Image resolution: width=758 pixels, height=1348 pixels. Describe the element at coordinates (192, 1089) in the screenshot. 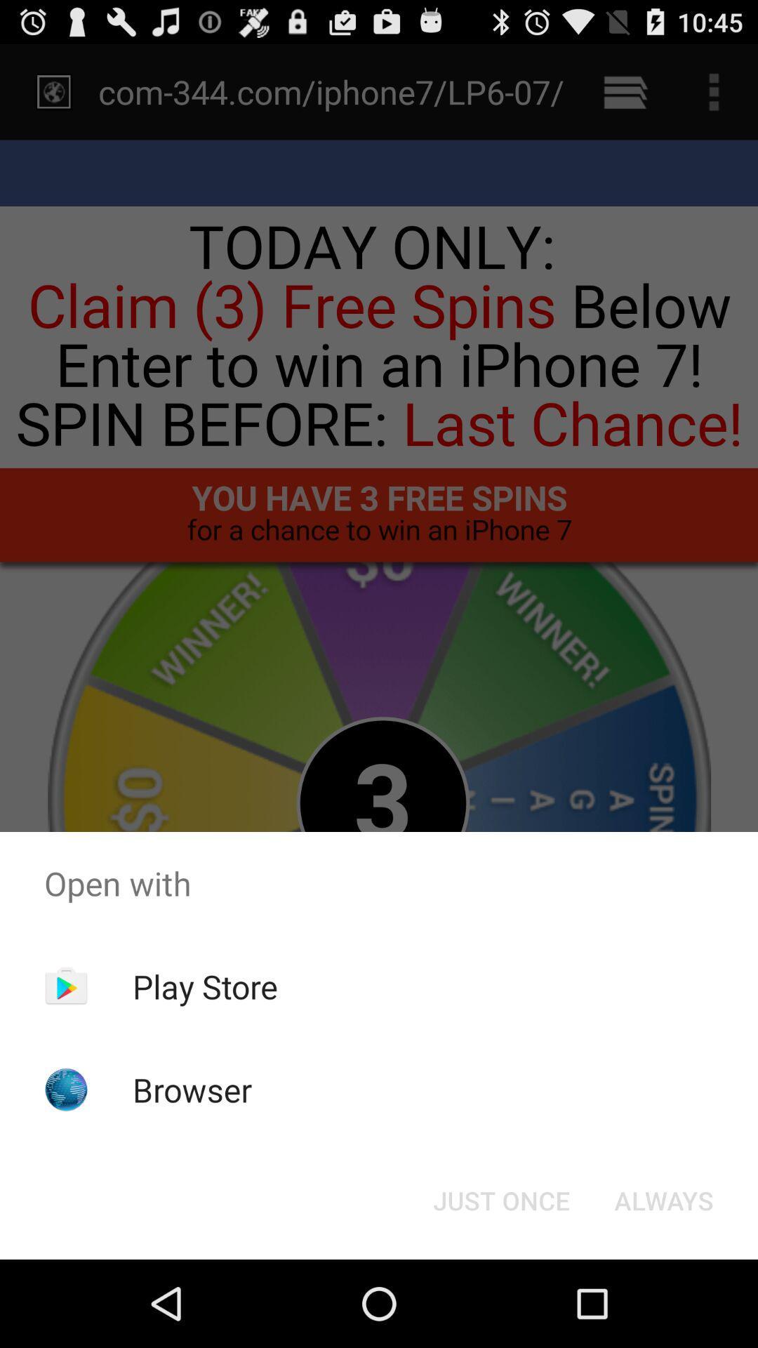

I see `app below play store item` at that location.